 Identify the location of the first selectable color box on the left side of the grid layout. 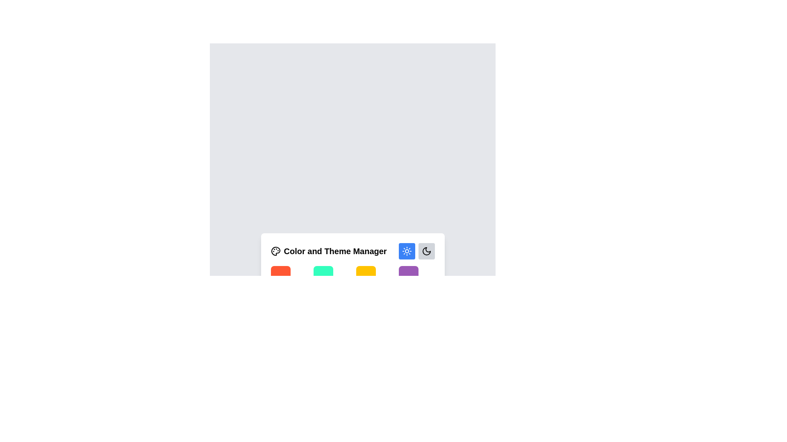
(280, 276).